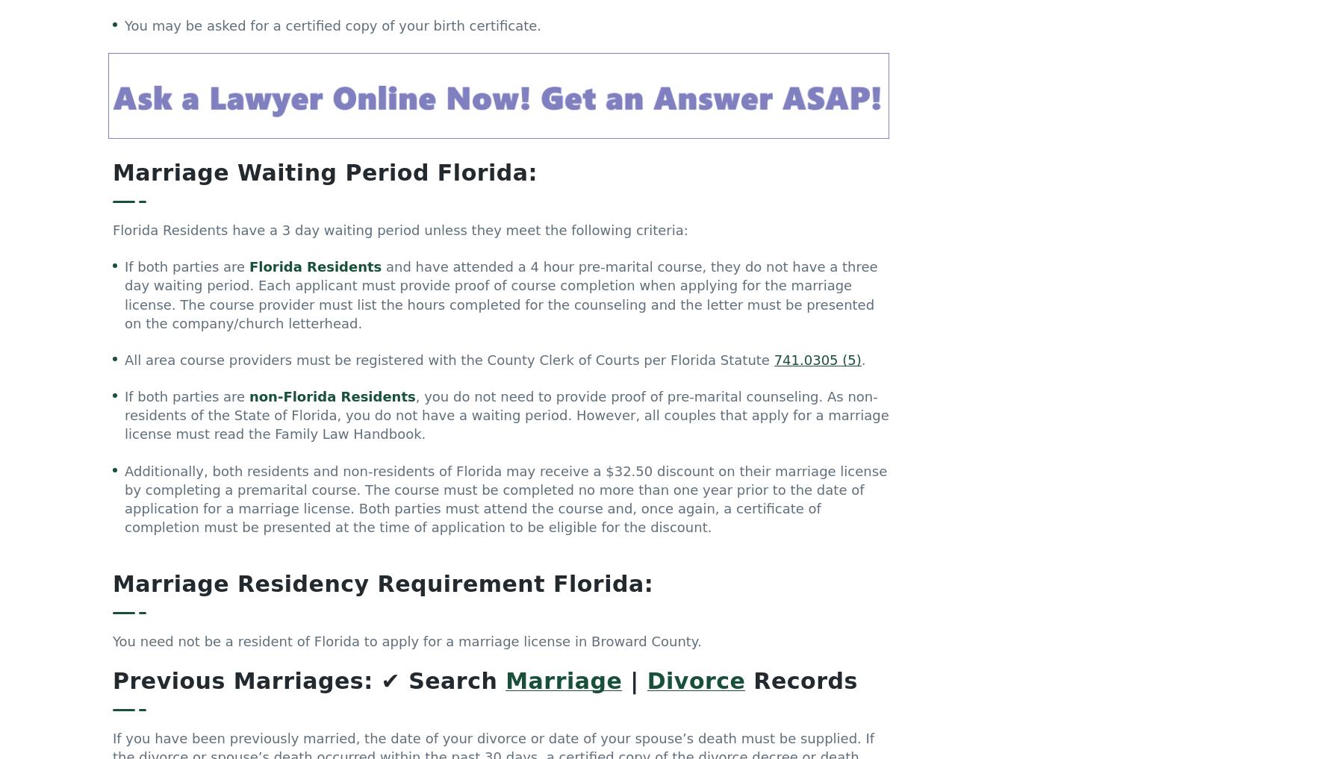 The image size is (1344, 759). I want to click on 'Divorce', so click(695, 684).